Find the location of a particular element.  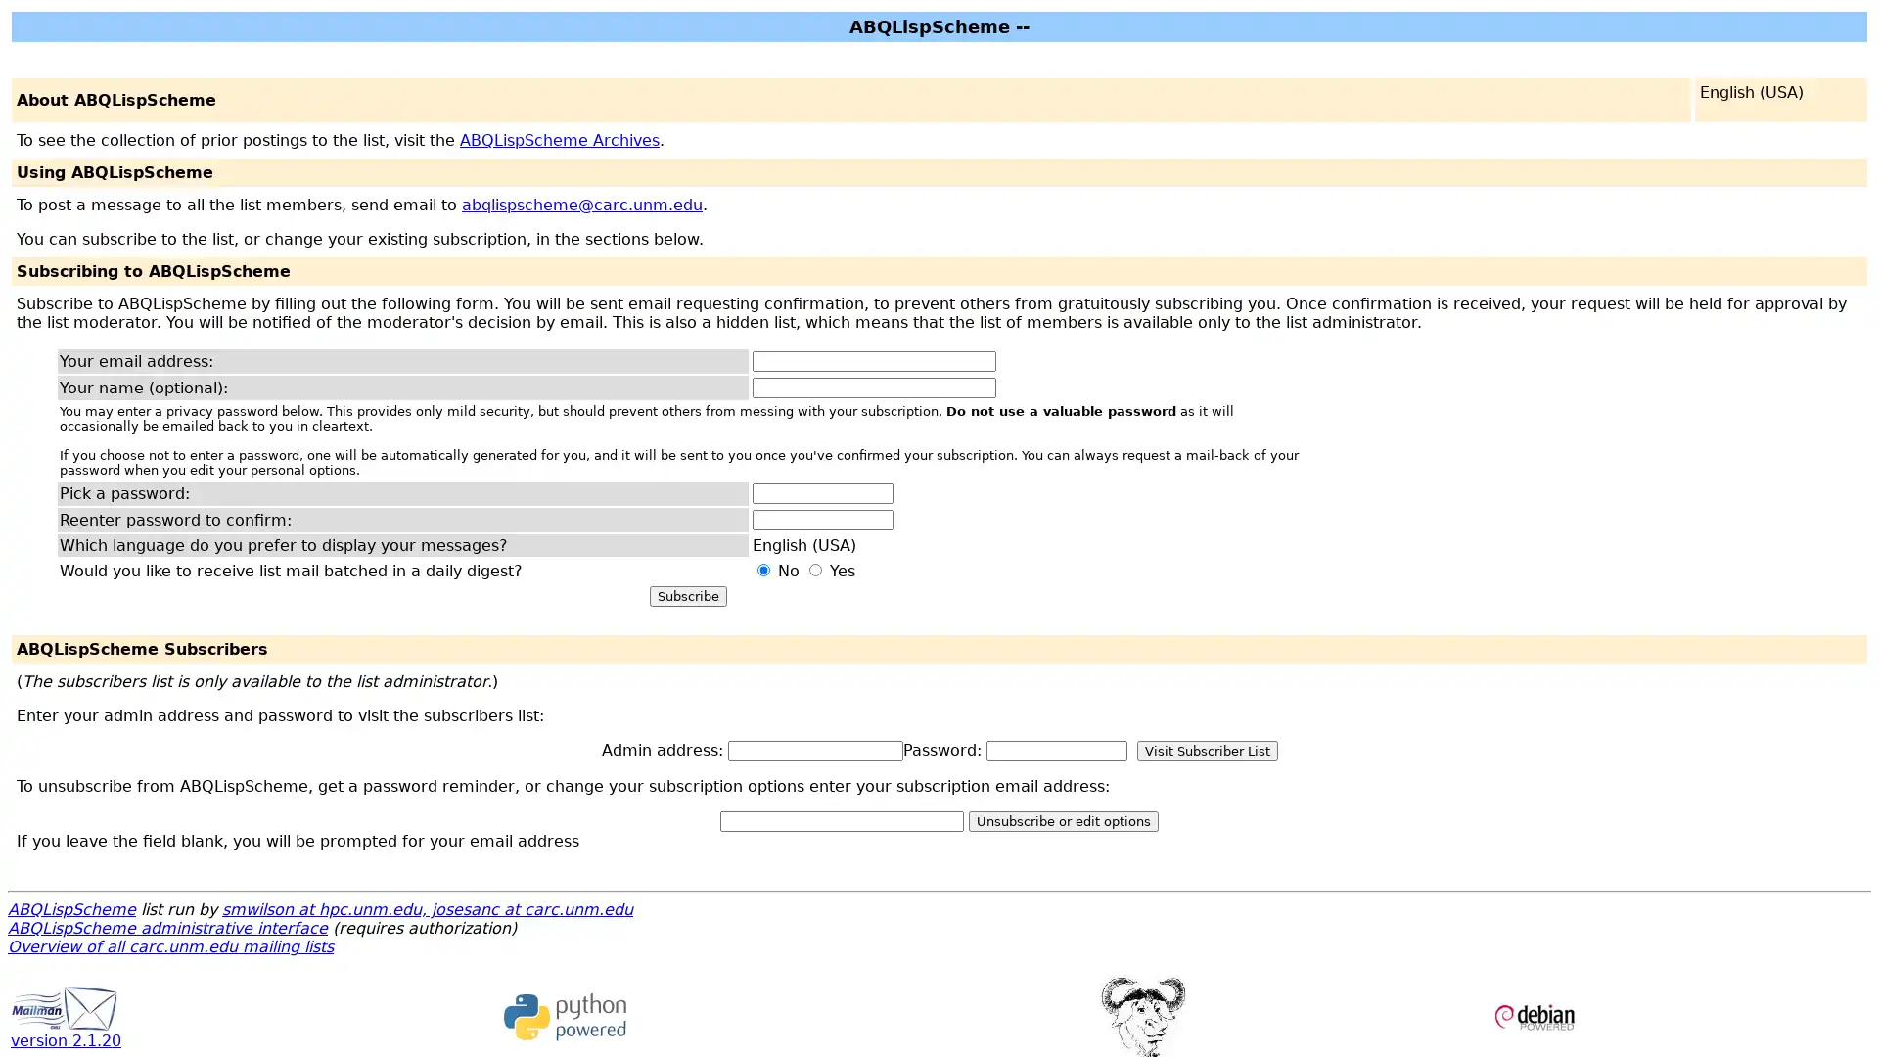

Unsubscribe or edit options is located at coordinates (1062, 821).